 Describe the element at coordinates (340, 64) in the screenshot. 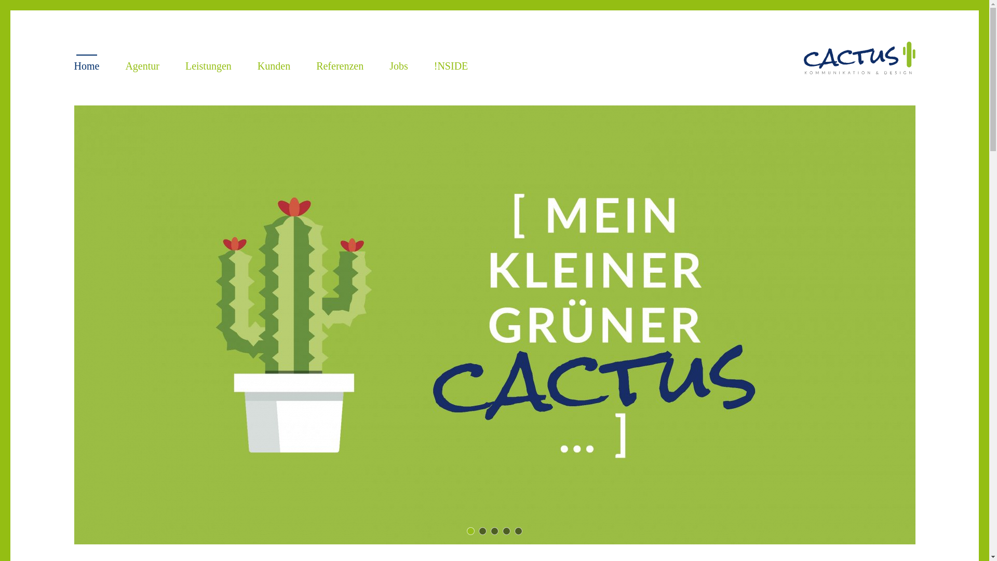

I see `'Referenzen'` at that location.